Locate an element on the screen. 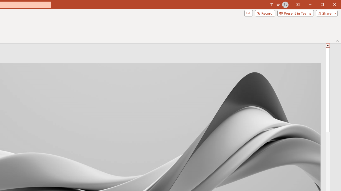 This screenshot has height=191, width=341. 'Collapse the Ribbon' is located at coordinates (337, 41).